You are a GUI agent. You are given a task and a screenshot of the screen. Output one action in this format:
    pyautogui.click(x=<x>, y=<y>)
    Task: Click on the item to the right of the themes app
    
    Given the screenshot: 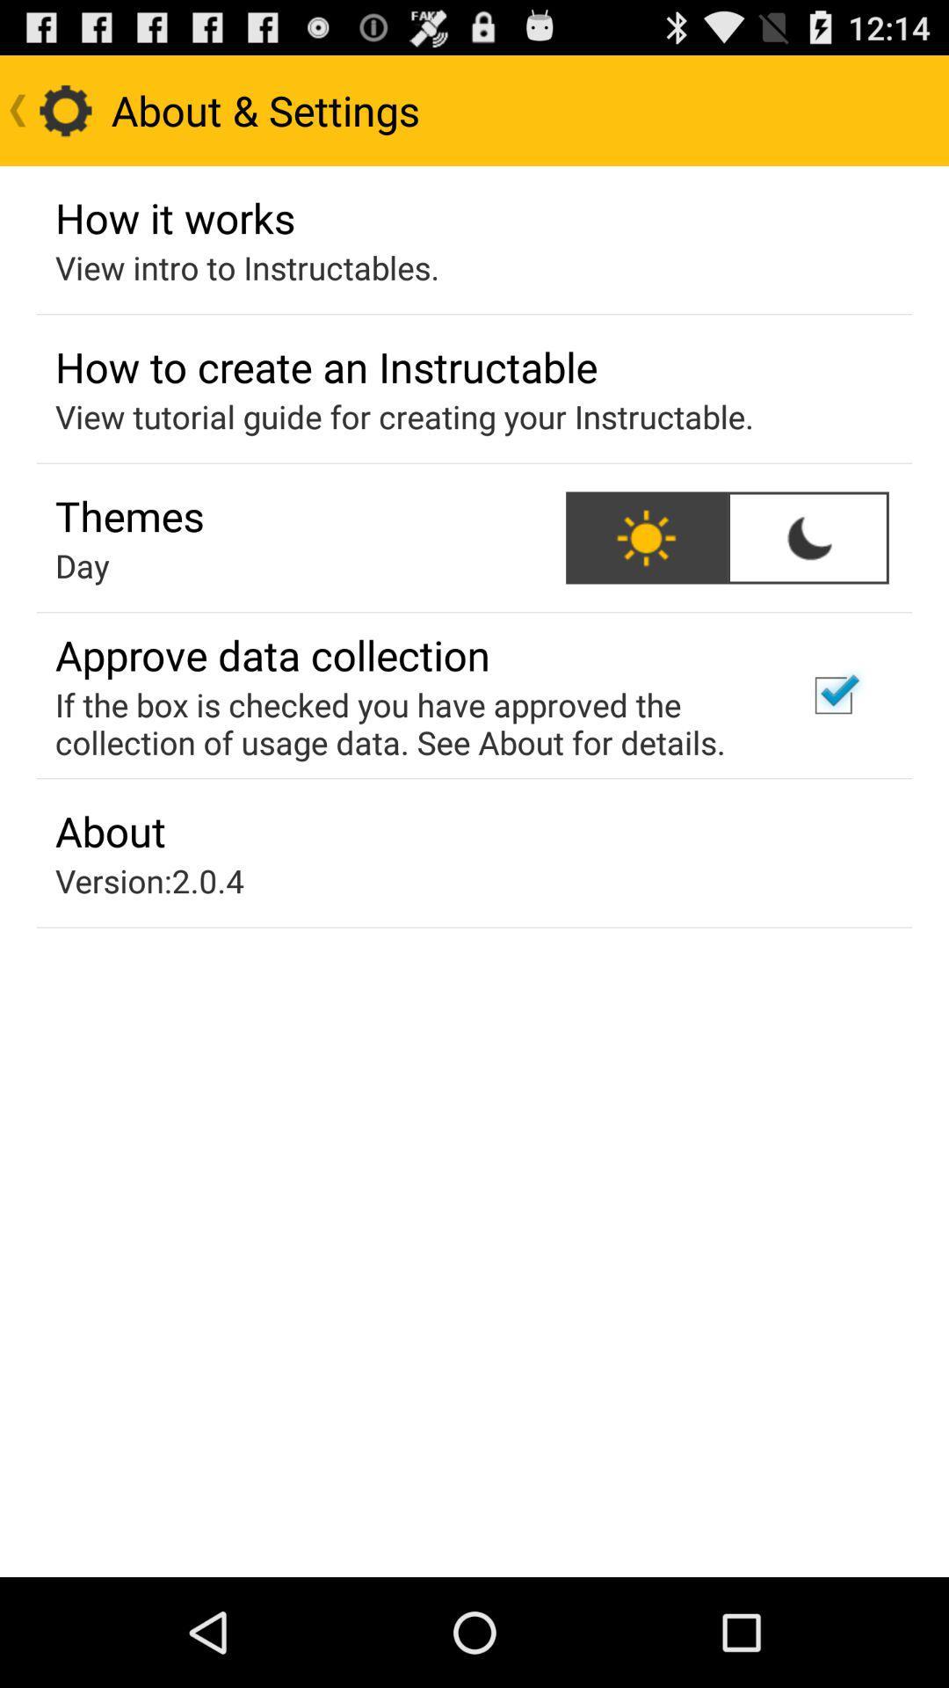 What is the action you would take?
    pyautogui.click(x=647, y=536)
    